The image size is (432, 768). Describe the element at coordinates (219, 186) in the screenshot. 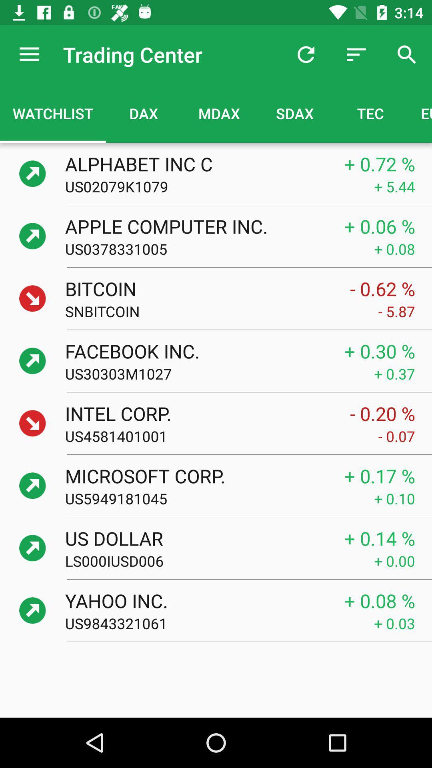

I see `the item next to the + 5.44` at that location.